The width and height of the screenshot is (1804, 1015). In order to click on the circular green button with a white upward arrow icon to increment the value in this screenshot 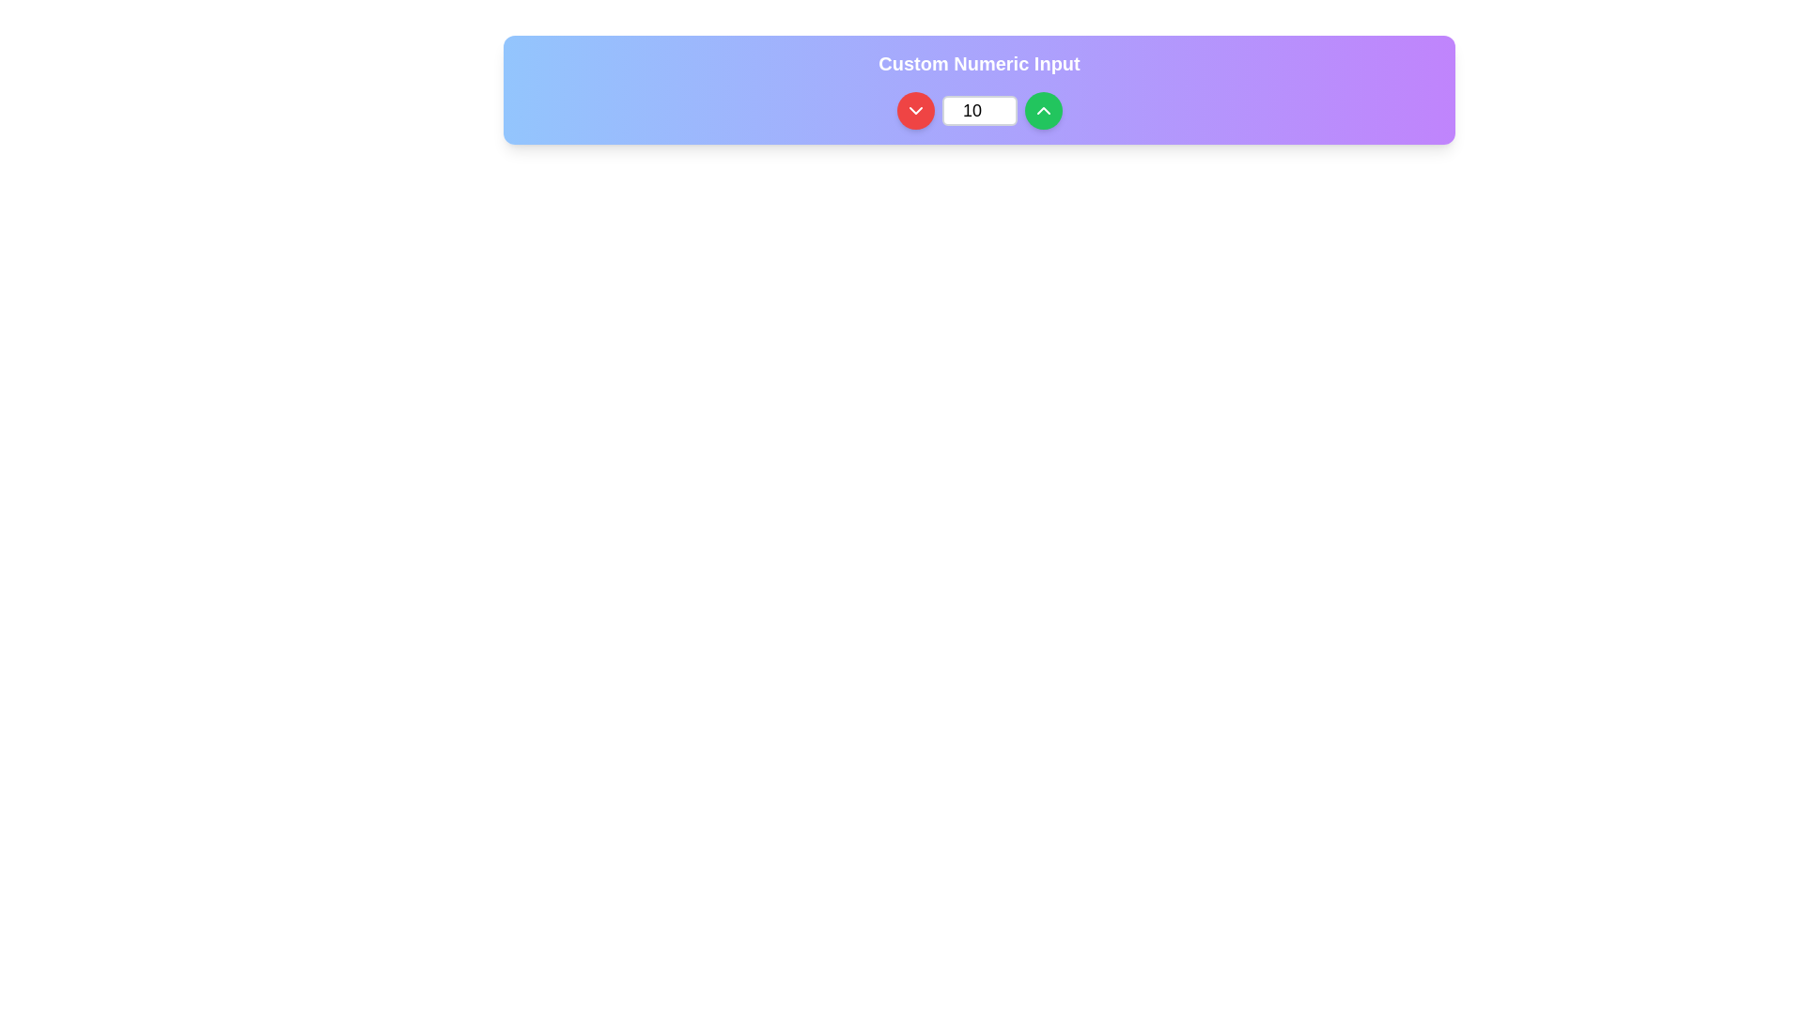, I will do `click(1042, 111)`.